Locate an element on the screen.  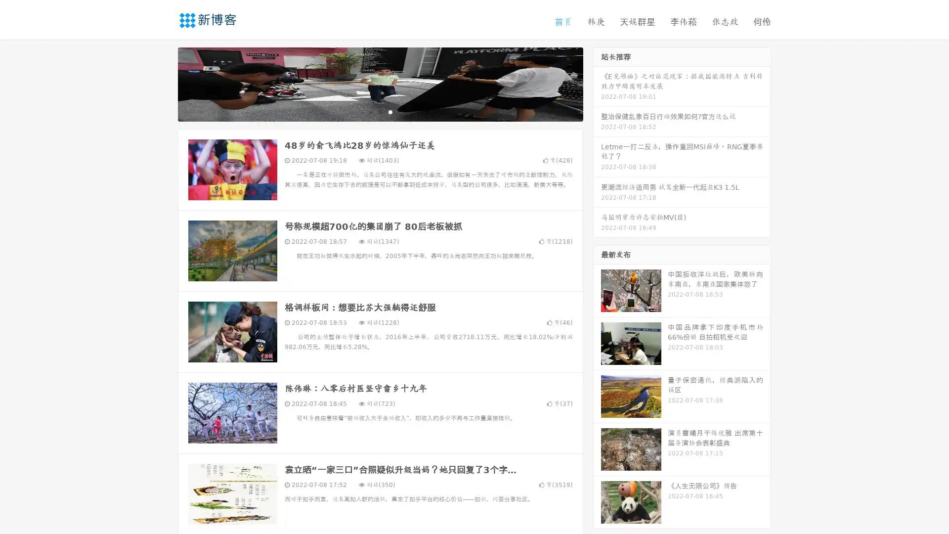
Previous slide is located at coordinates (163, 83).